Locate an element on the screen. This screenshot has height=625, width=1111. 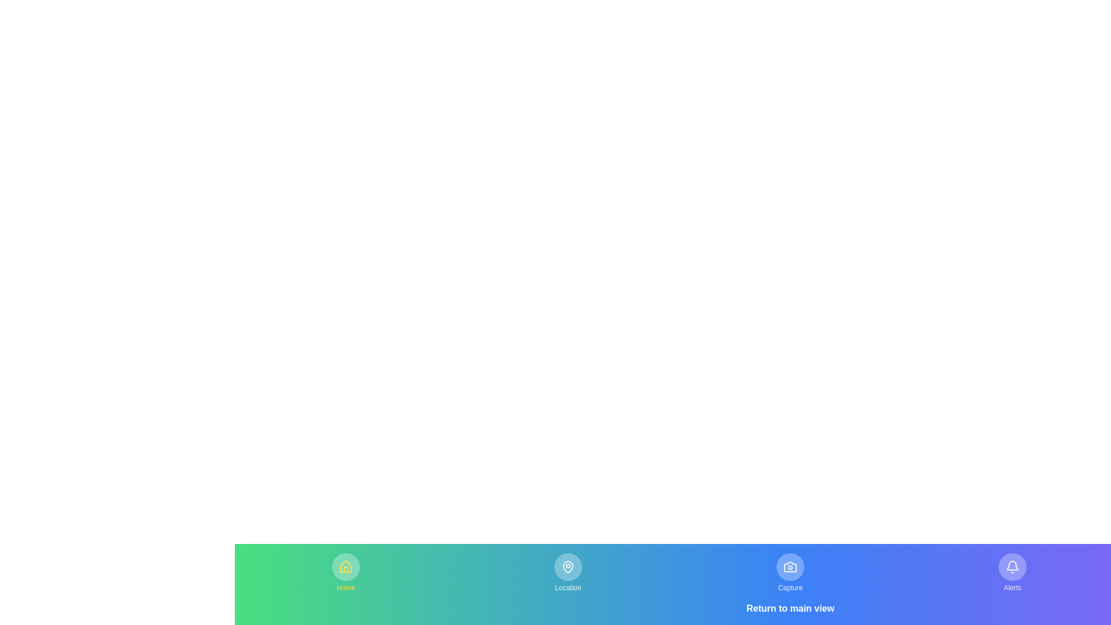
the menu item labeled Location to trigger its hover effect is located at coordinates (568, 573).